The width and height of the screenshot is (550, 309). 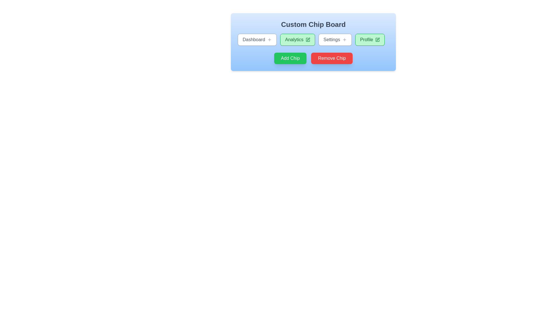 What do you see at coordinates (370, 39) in the screenshot?
I see `the chip labeled 'Profile'` at bounding box center [370, 39].